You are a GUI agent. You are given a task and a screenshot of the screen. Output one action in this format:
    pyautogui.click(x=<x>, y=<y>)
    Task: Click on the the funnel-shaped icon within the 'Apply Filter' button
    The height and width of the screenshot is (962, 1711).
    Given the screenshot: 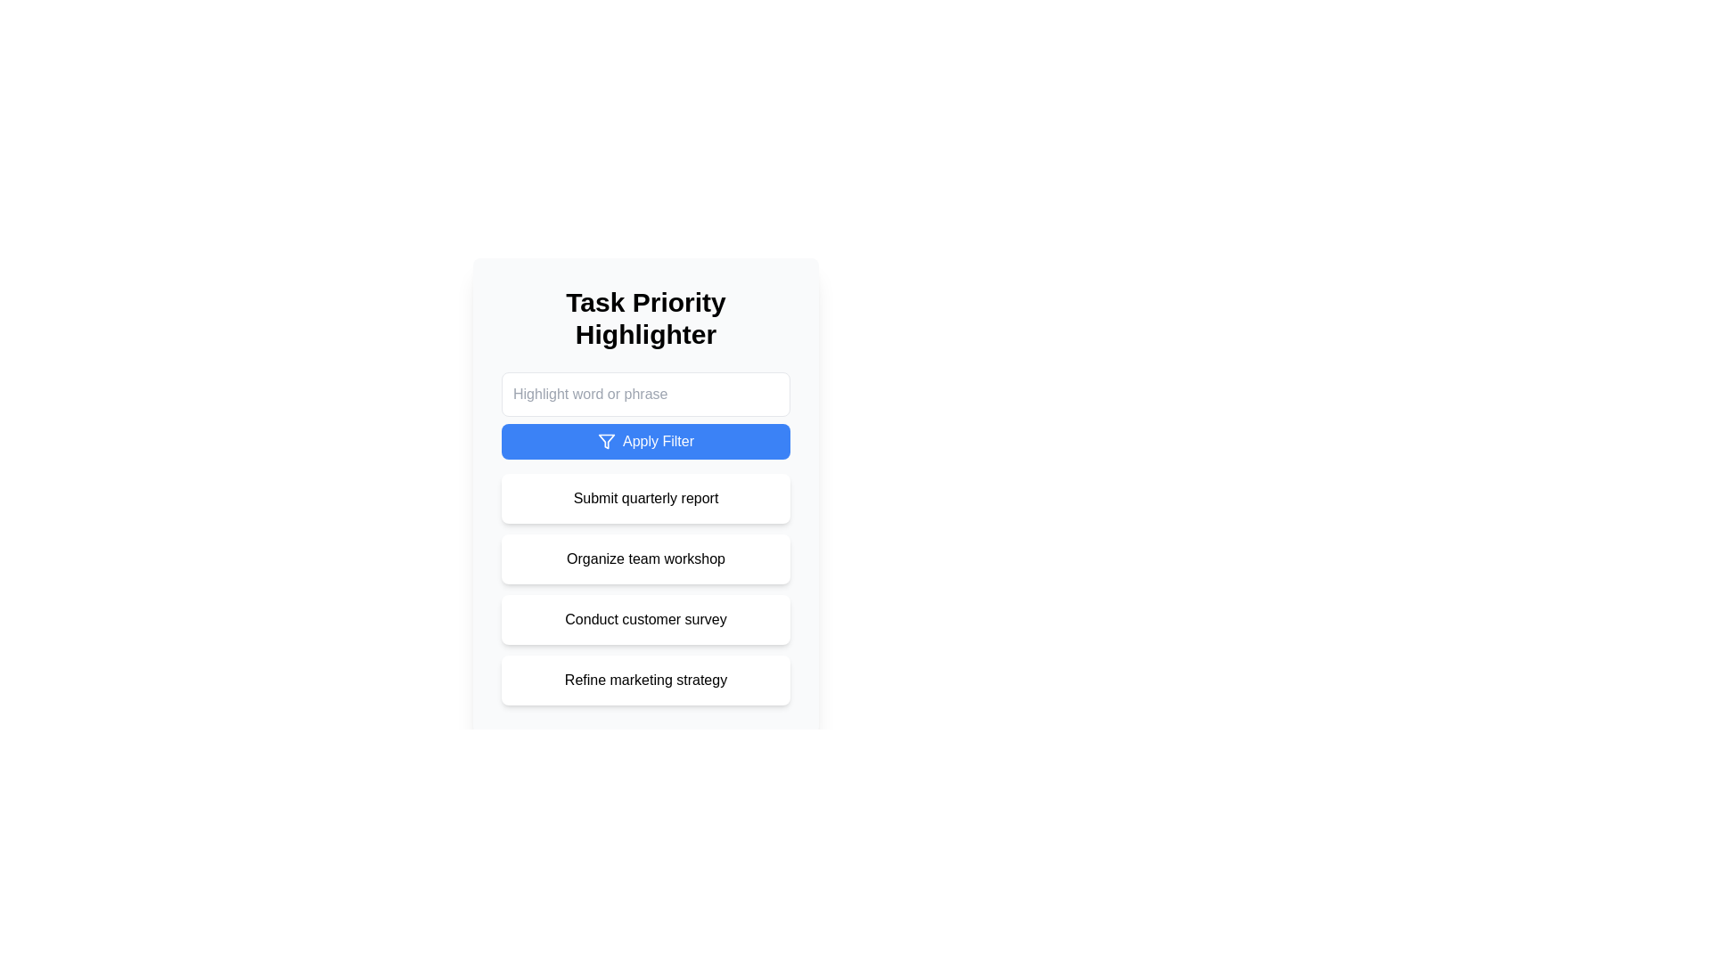 What is the action you would take?
    pyautogui.click(x=607, y=441)
    